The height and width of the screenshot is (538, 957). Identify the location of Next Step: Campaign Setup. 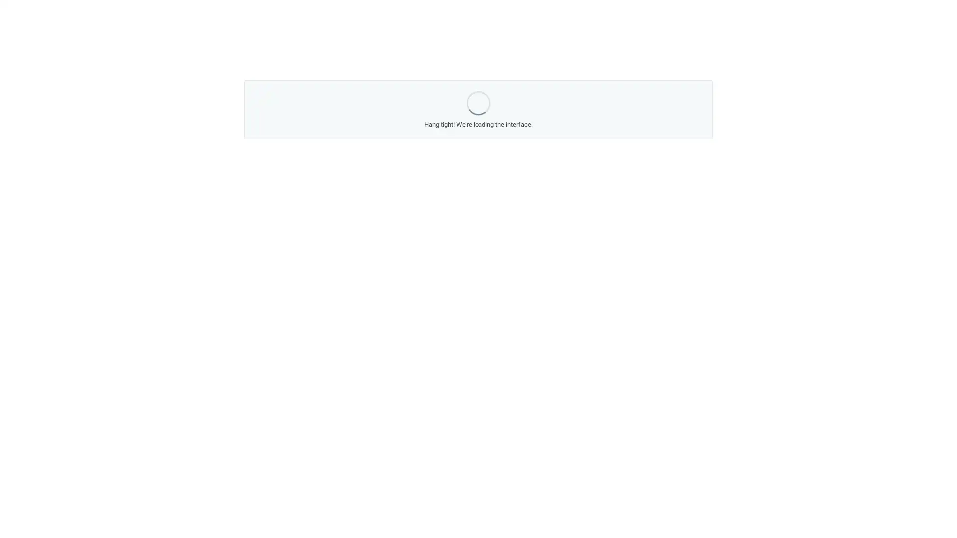
(559, 355).